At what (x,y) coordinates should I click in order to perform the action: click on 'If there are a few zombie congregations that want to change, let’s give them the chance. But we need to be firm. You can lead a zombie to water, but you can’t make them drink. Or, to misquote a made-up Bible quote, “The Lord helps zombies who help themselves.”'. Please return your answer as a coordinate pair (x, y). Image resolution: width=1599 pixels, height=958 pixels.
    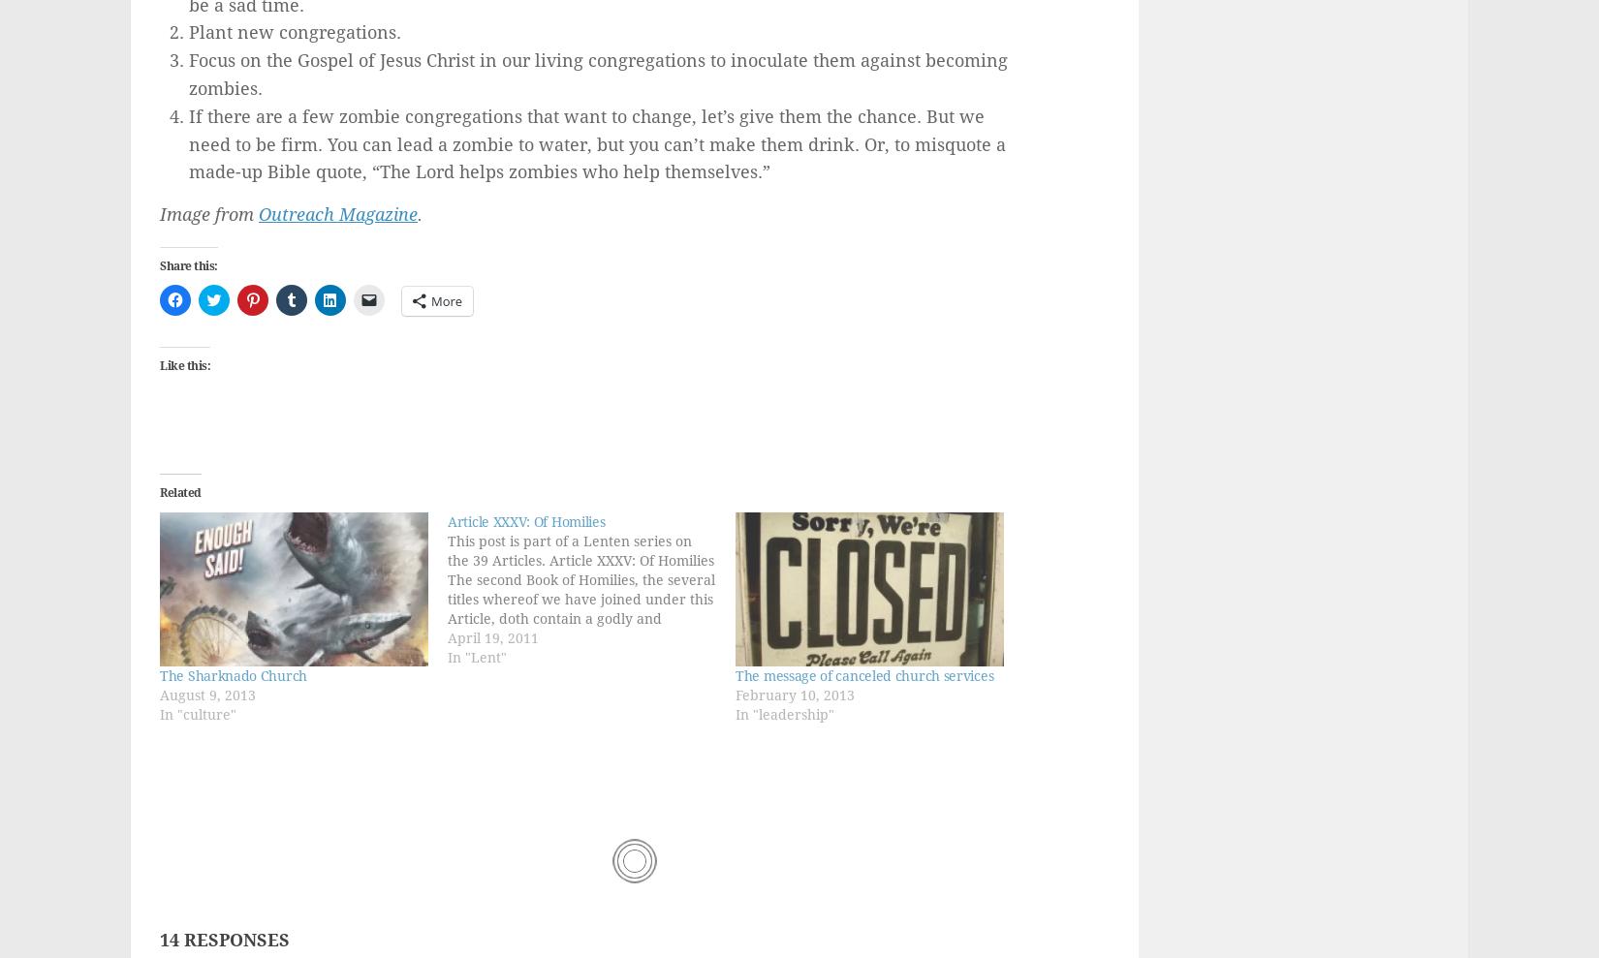
    Looking at the image, I should click on (596, 142).